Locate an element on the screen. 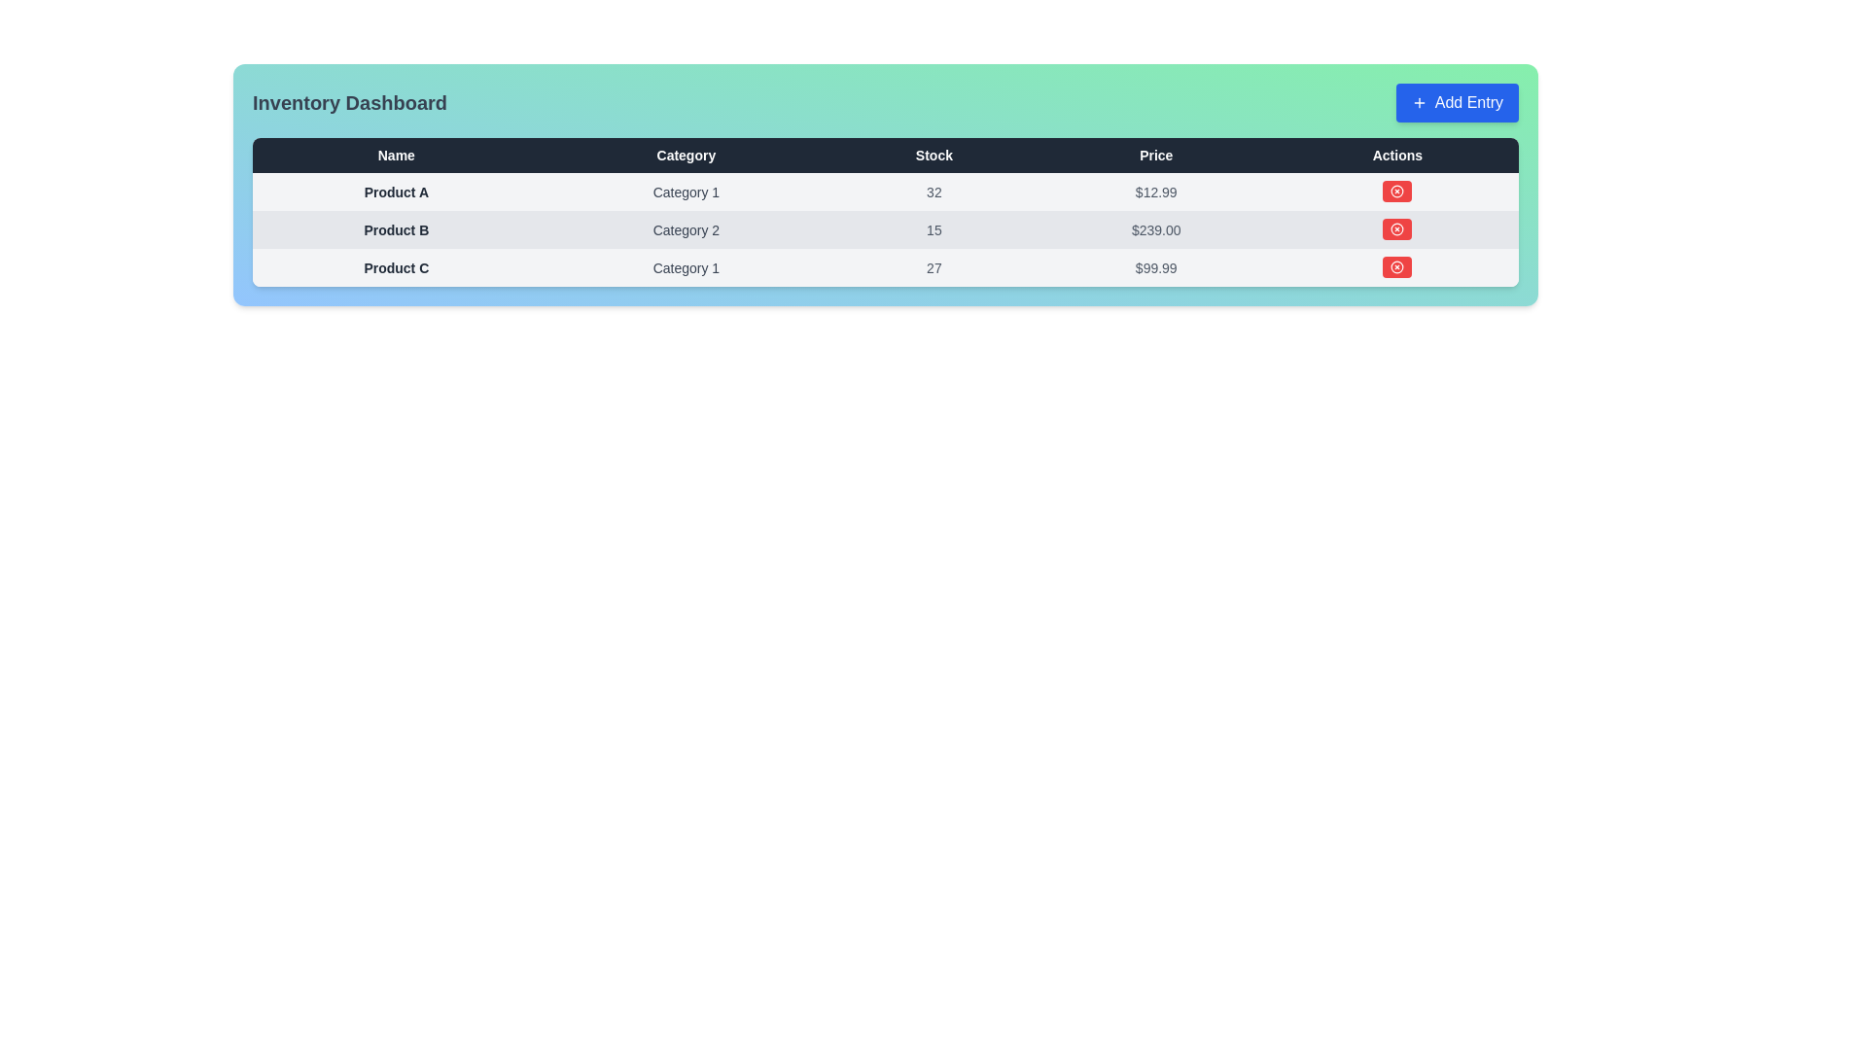  the small red button with a white 'X' icon located in the second row of the 'Actions' column is located at coordinates (1396, 227).